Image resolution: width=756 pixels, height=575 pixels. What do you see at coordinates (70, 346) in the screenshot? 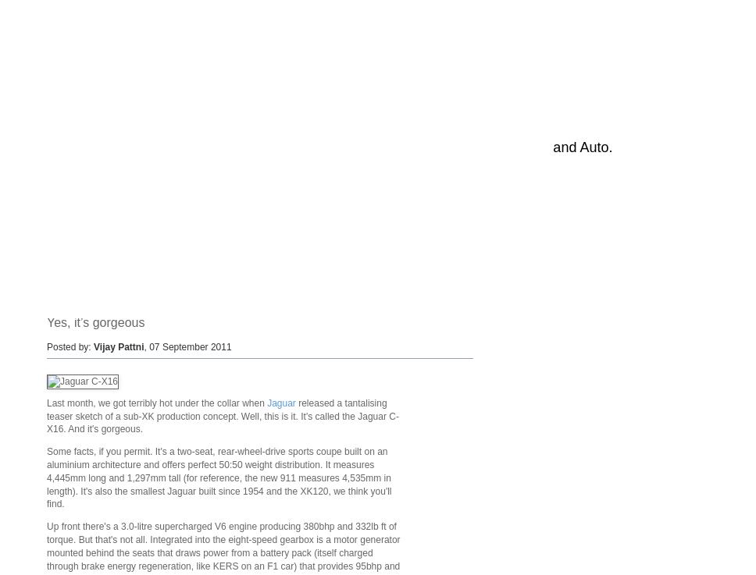
I see `'Posted by:'` at bounding box center [70, 346].